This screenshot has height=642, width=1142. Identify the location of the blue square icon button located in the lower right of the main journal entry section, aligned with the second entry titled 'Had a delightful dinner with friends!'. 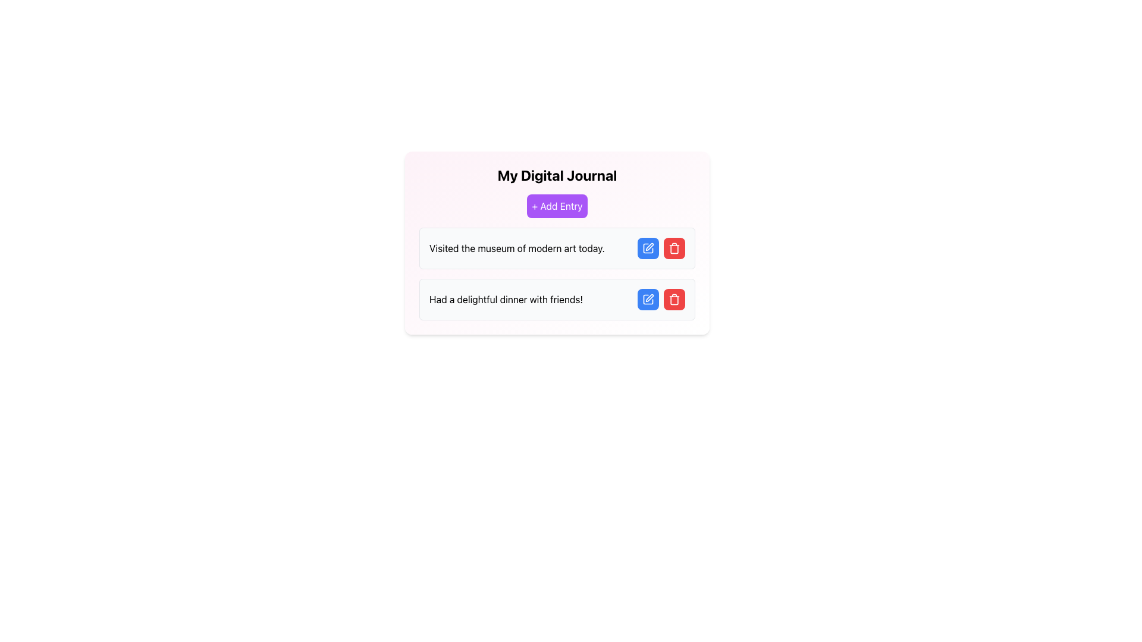
(647, 299).